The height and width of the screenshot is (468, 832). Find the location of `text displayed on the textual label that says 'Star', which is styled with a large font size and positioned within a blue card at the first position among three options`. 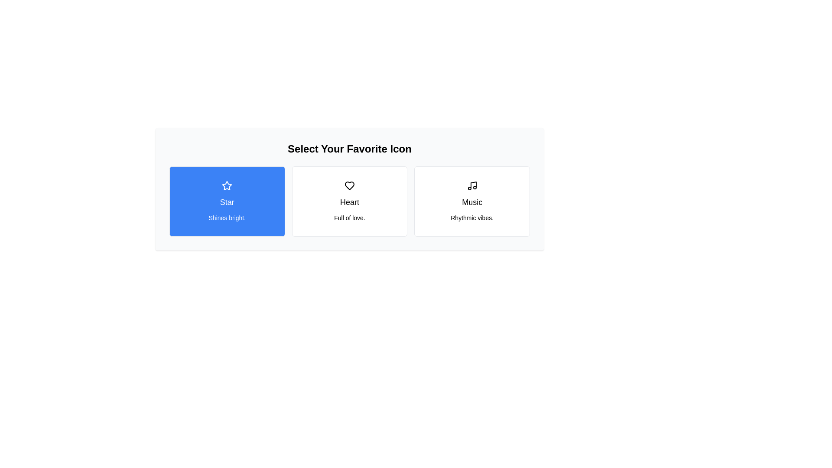

text displayed on the textual label that says 'Star', which is styled with a large font size and positioned within a blue card at the first position among three options is located at coordinates (227, 202).